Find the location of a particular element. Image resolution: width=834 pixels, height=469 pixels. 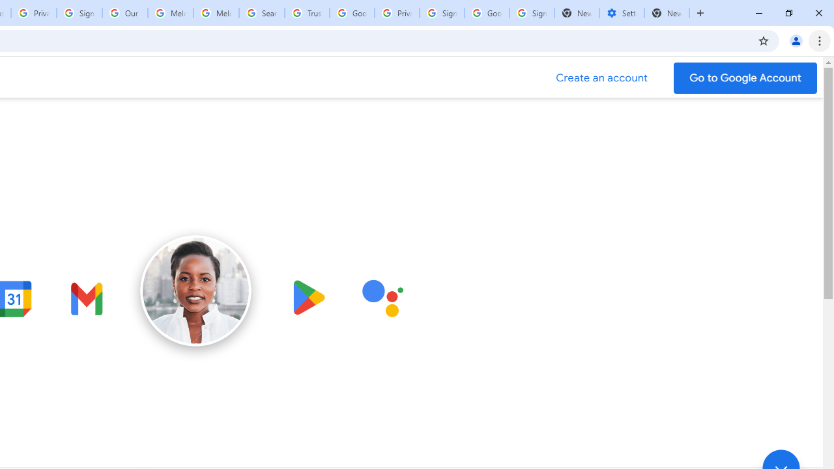

'Create a Google Account' is located at coordinates (601, 78).